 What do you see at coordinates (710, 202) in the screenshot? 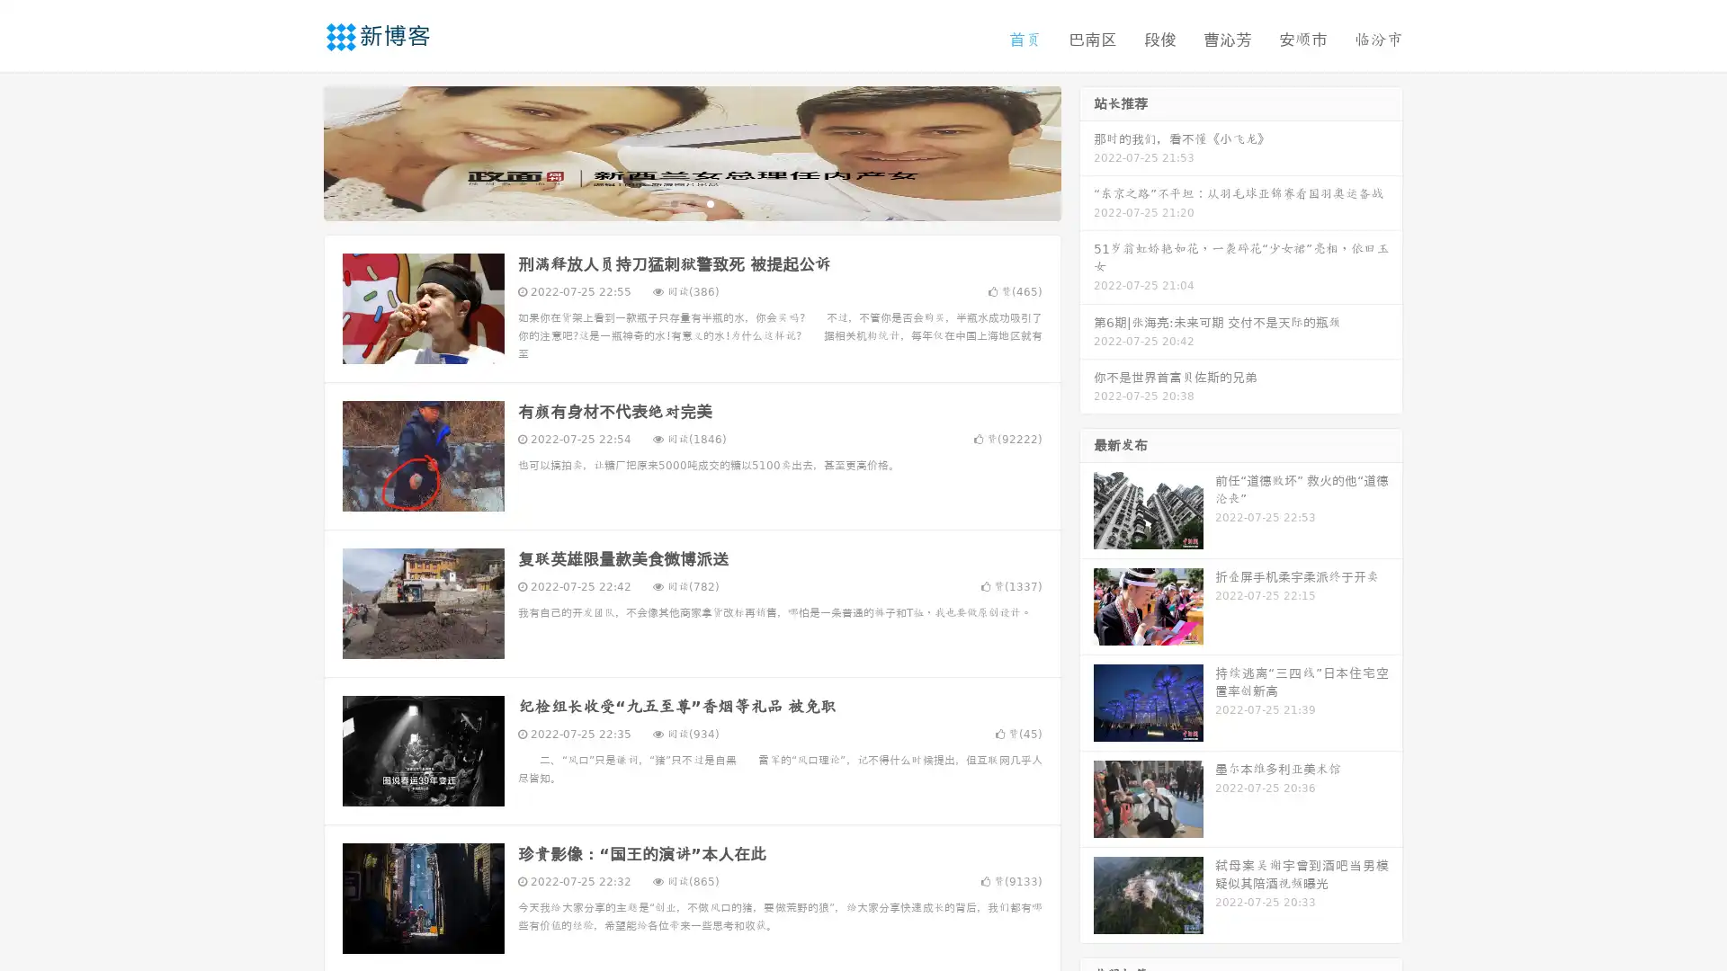
I see `Go to slide 3` at bounding box center [710, 202].